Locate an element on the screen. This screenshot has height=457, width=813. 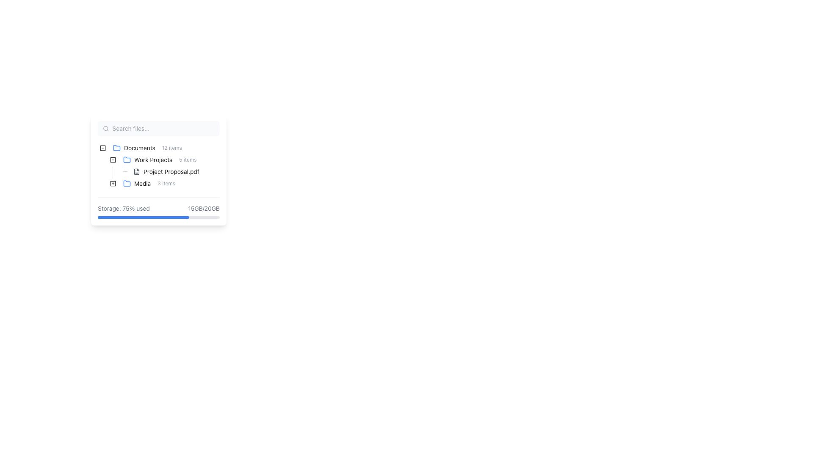
the blue folder icon representing the 'Work Projects' directory in the file explorer hierarchy is located at coordinates (126, 160).